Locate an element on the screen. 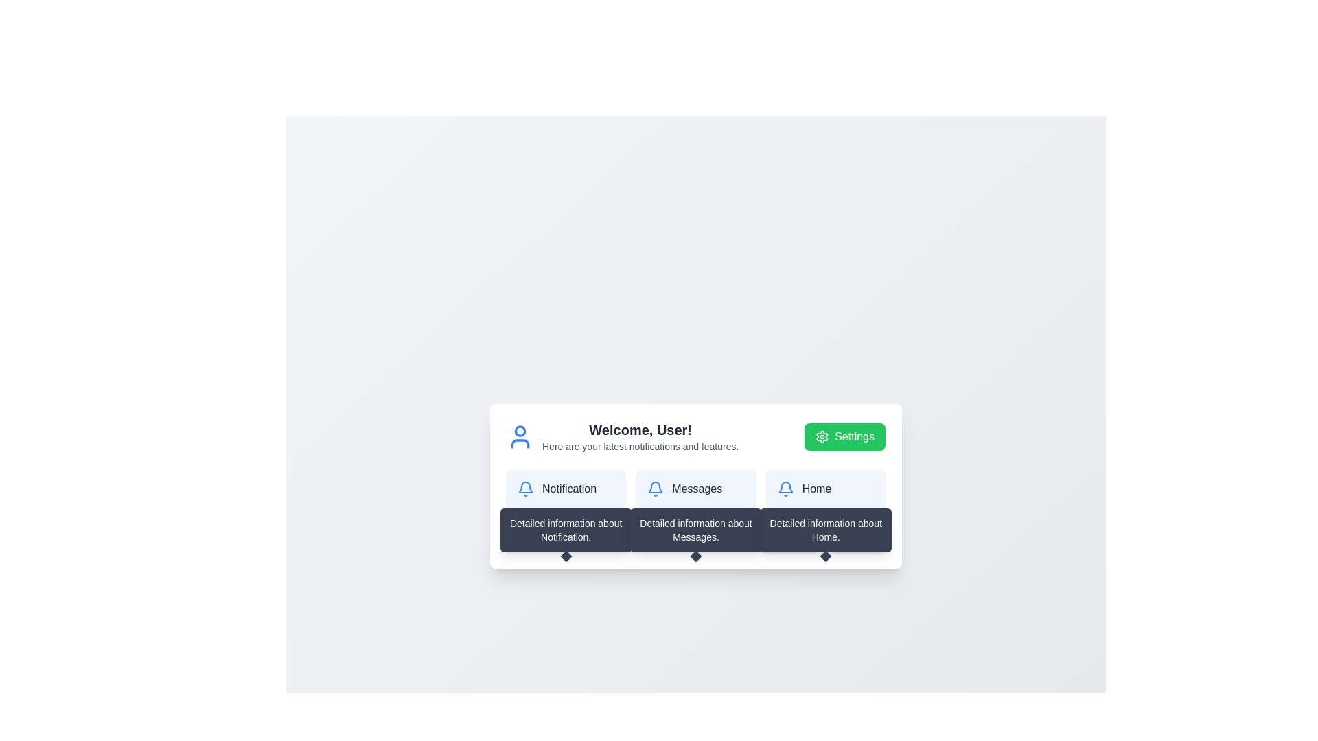  the settings icon located at the top-right corner of the white card interface next to the text 'Settings' is located at coordinates (822, 436).